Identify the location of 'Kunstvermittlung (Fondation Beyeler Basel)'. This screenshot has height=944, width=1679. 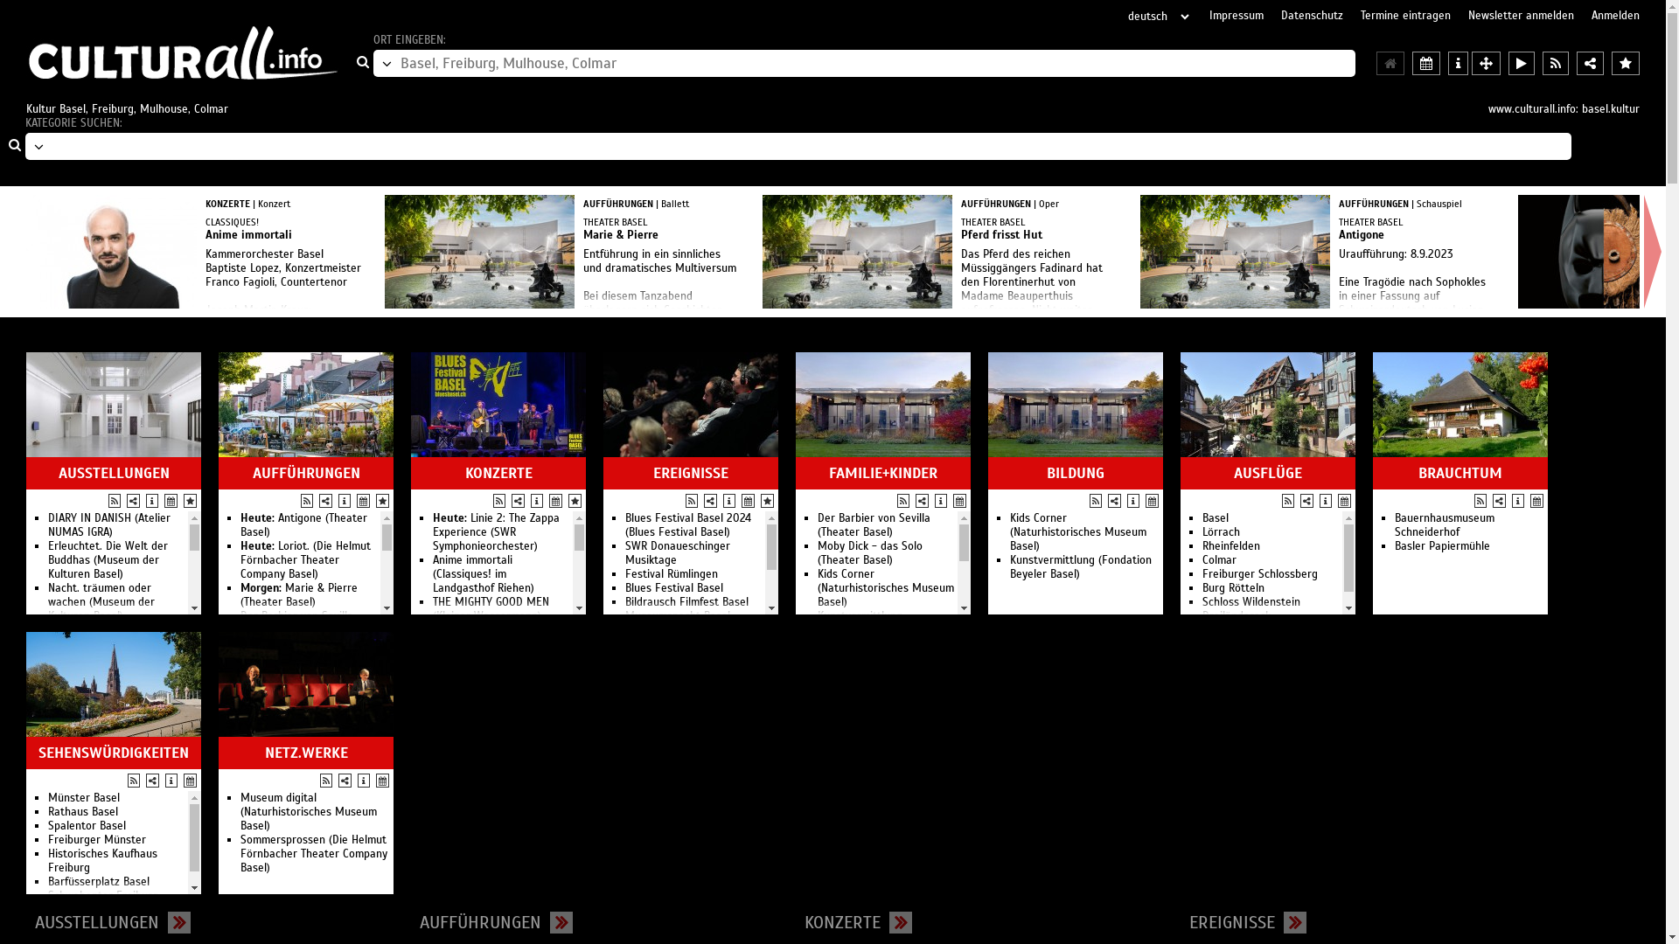
(1080, 566).